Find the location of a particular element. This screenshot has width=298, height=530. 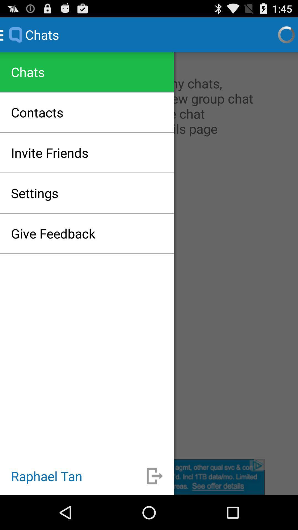

the panel is located at coordinates (149, 477).